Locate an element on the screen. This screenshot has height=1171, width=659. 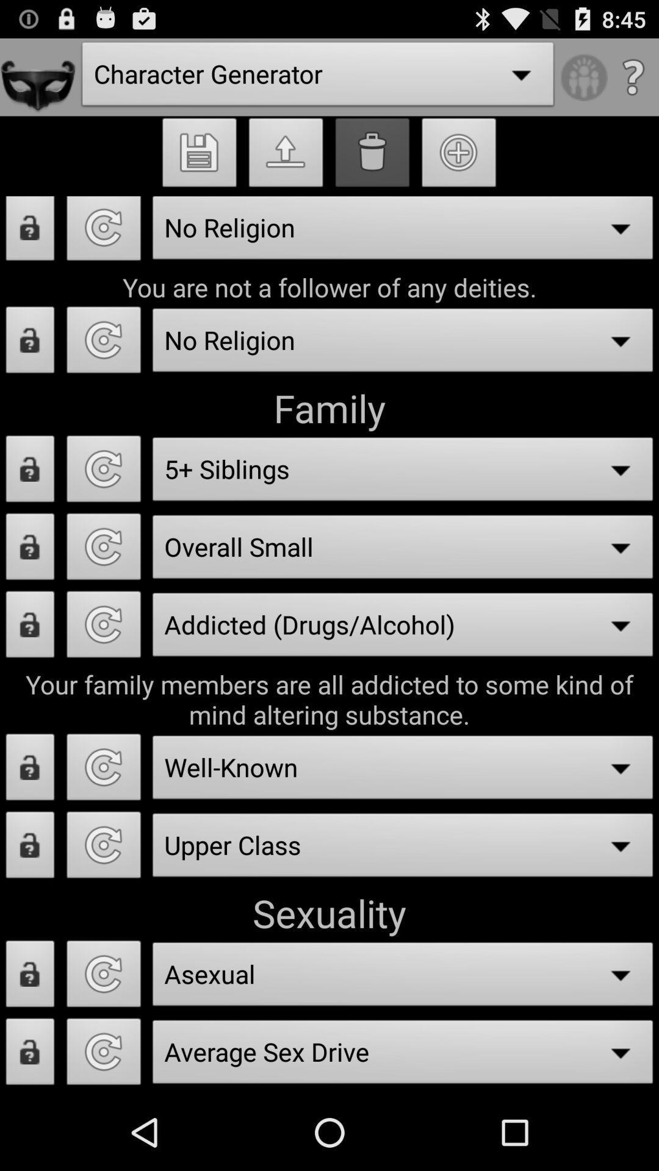
the lock icon is located at coordinates (29, 671).